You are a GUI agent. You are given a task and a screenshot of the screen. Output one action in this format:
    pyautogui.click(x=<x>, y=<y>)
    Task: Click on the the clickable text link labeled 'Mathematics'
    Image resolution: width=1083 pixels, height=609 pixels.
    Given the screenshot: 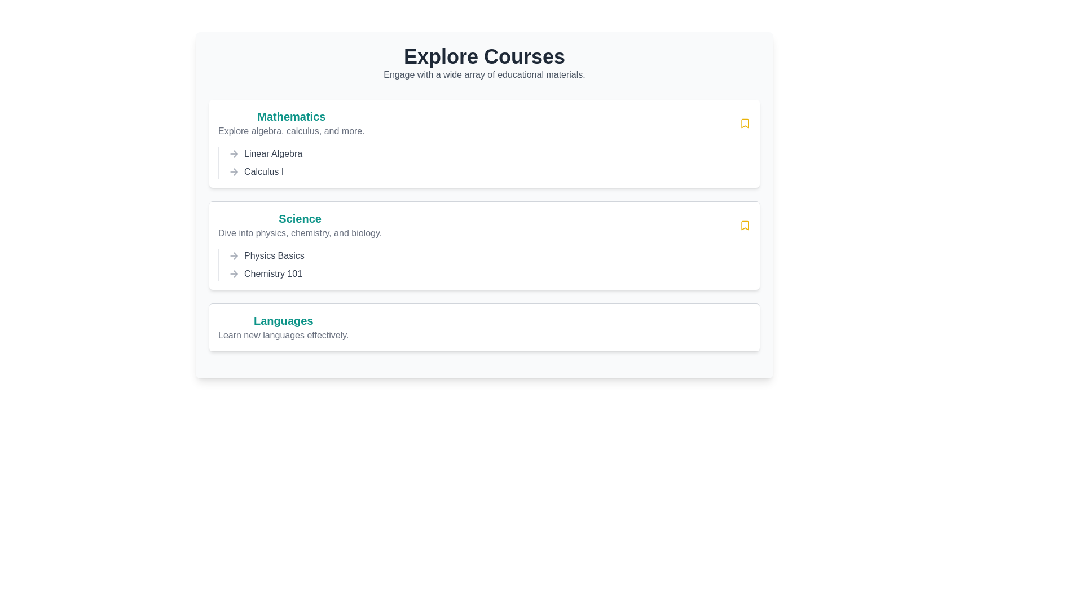 What is the action you would take?
    pyautogui.click(x=291, y=117)
    